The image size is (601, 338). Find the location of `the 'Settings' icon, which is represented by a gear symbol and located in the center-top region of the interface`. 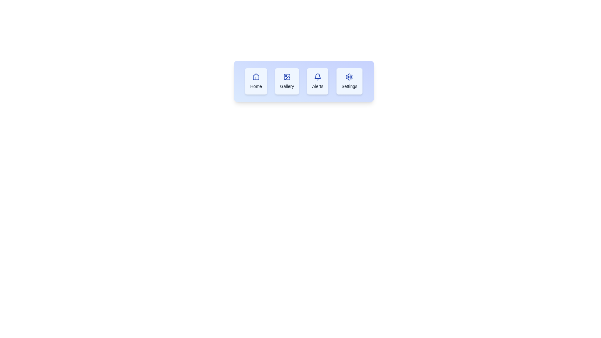

the 'Settings' icon, which is represented by a gear symbol and located in the center-top region of the interface is located at coordinates (349, 77).